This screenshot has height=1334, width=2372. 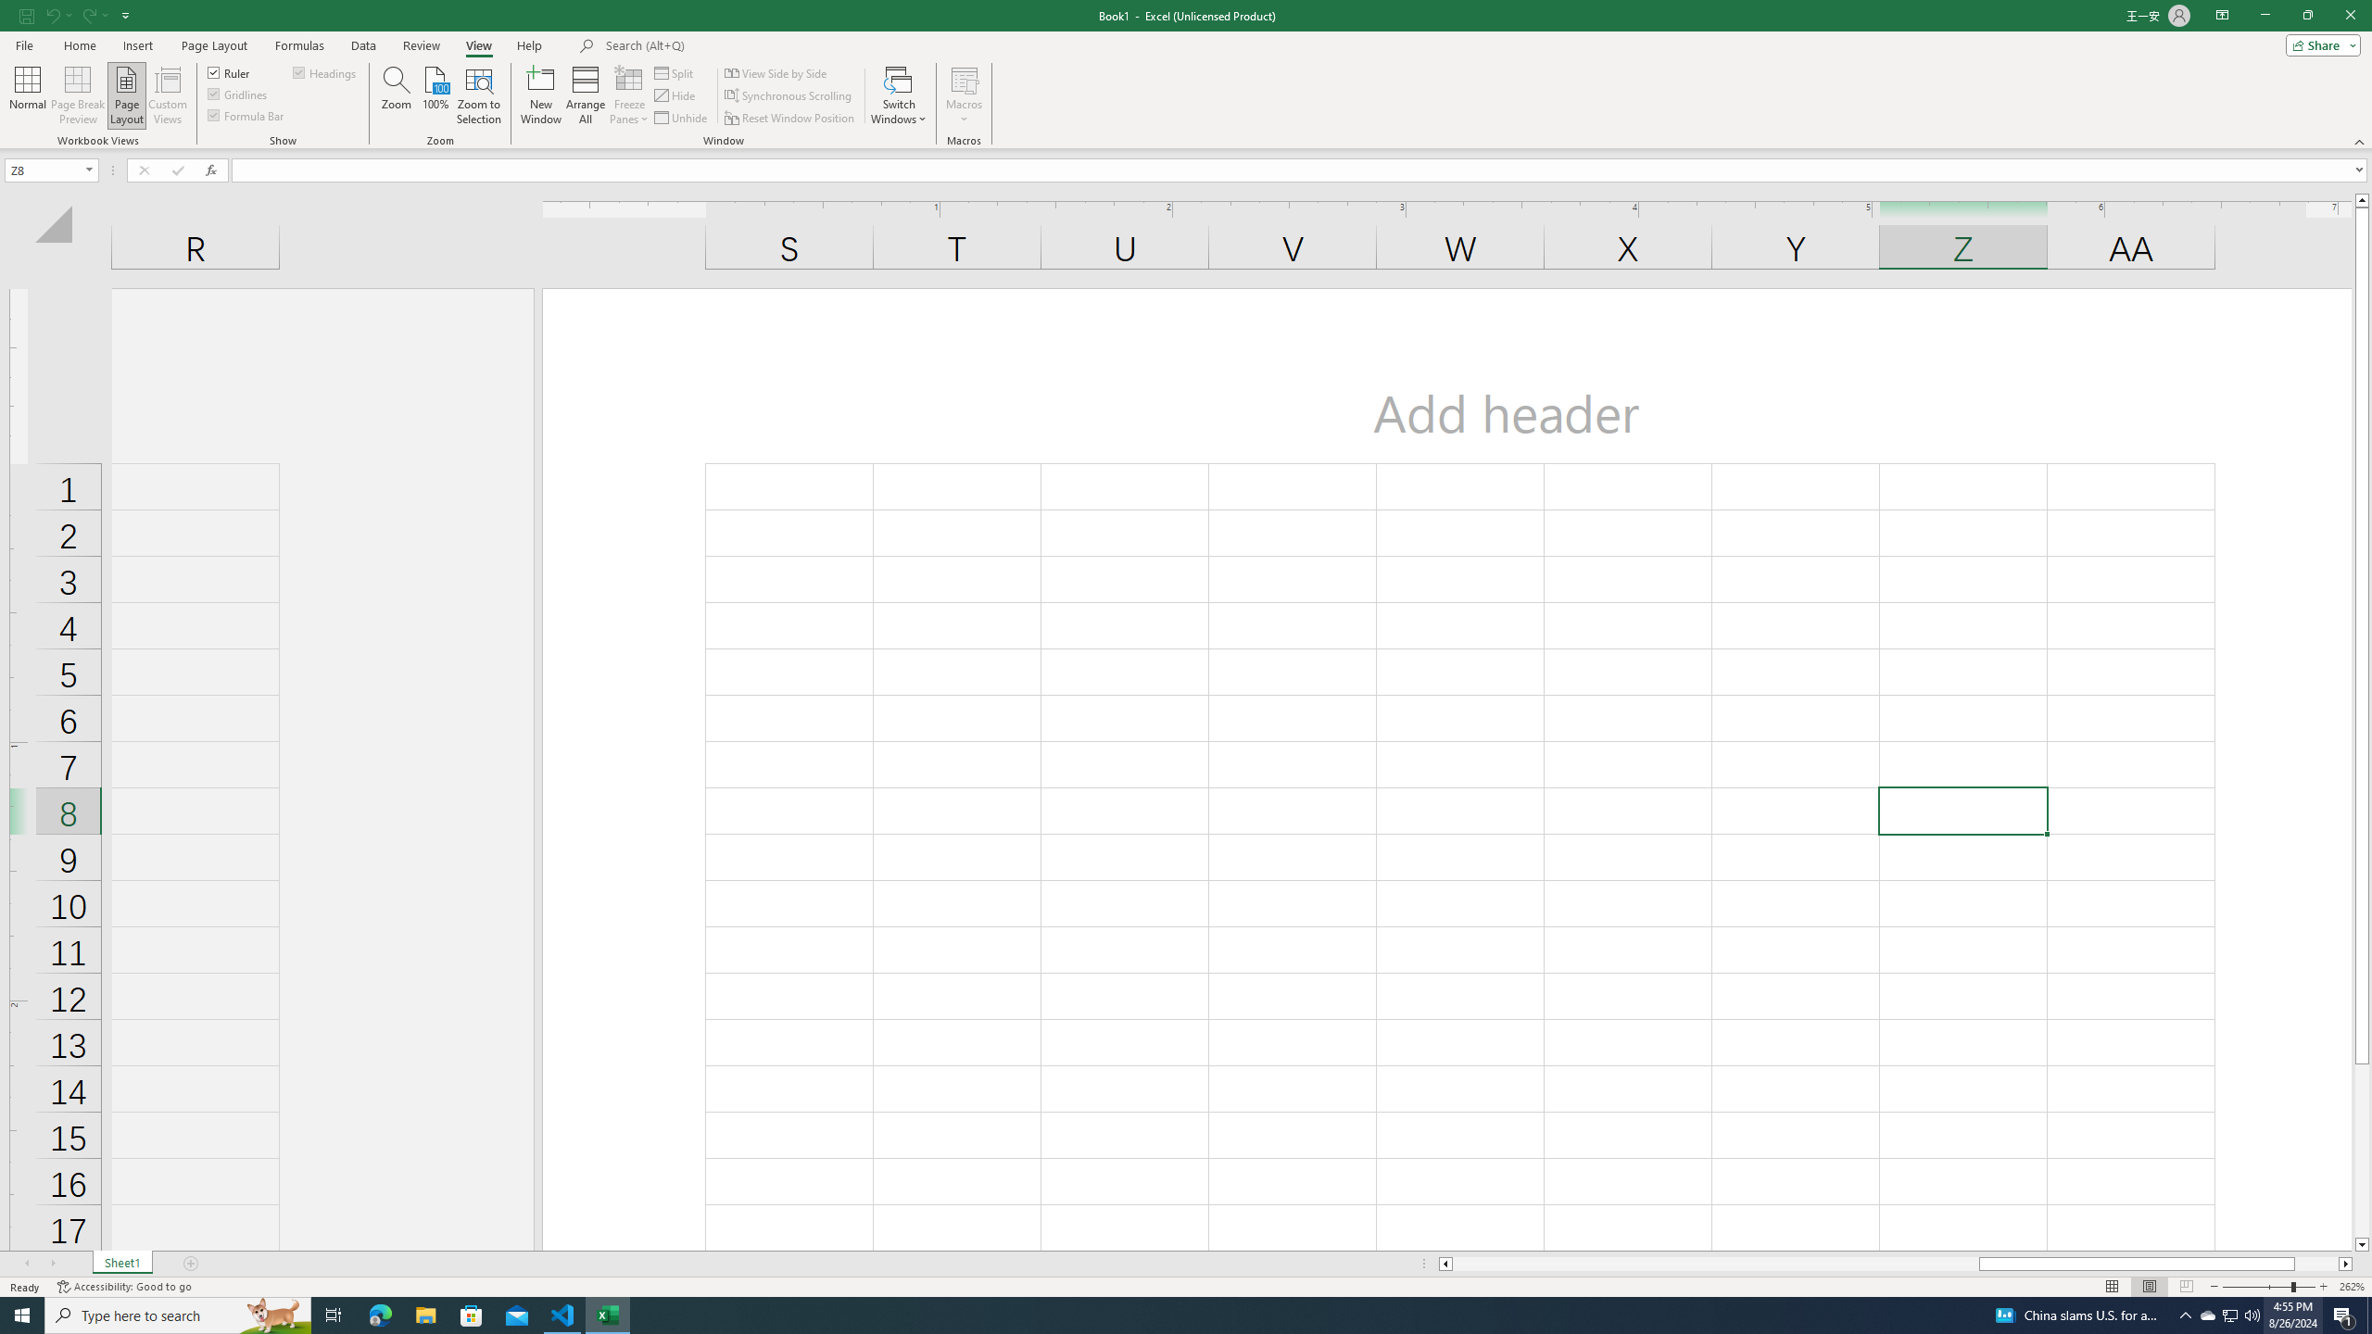 I want to click on 'Custom Views...', so click(x=167, y=95).